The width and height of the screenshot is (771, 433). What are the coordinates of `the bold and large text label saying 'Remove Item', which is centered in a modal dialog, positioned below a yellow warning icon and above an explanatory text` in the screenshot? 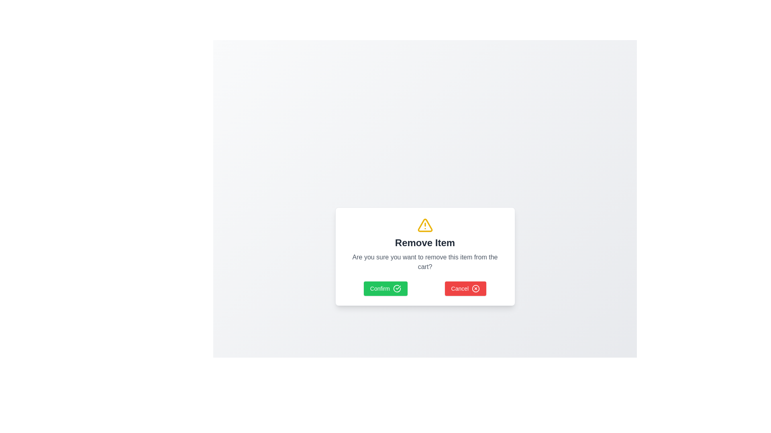 It's located at (424, 242).